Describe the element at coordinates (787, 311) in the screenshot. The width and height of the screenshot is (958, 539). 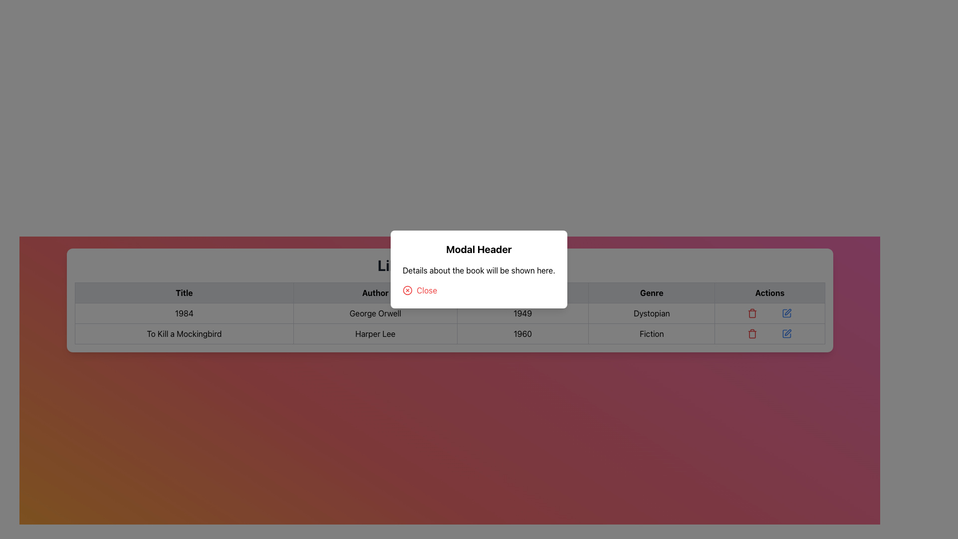
I see `the edit icon button located as the second icon under the 'Actions' column in the table` at that location.